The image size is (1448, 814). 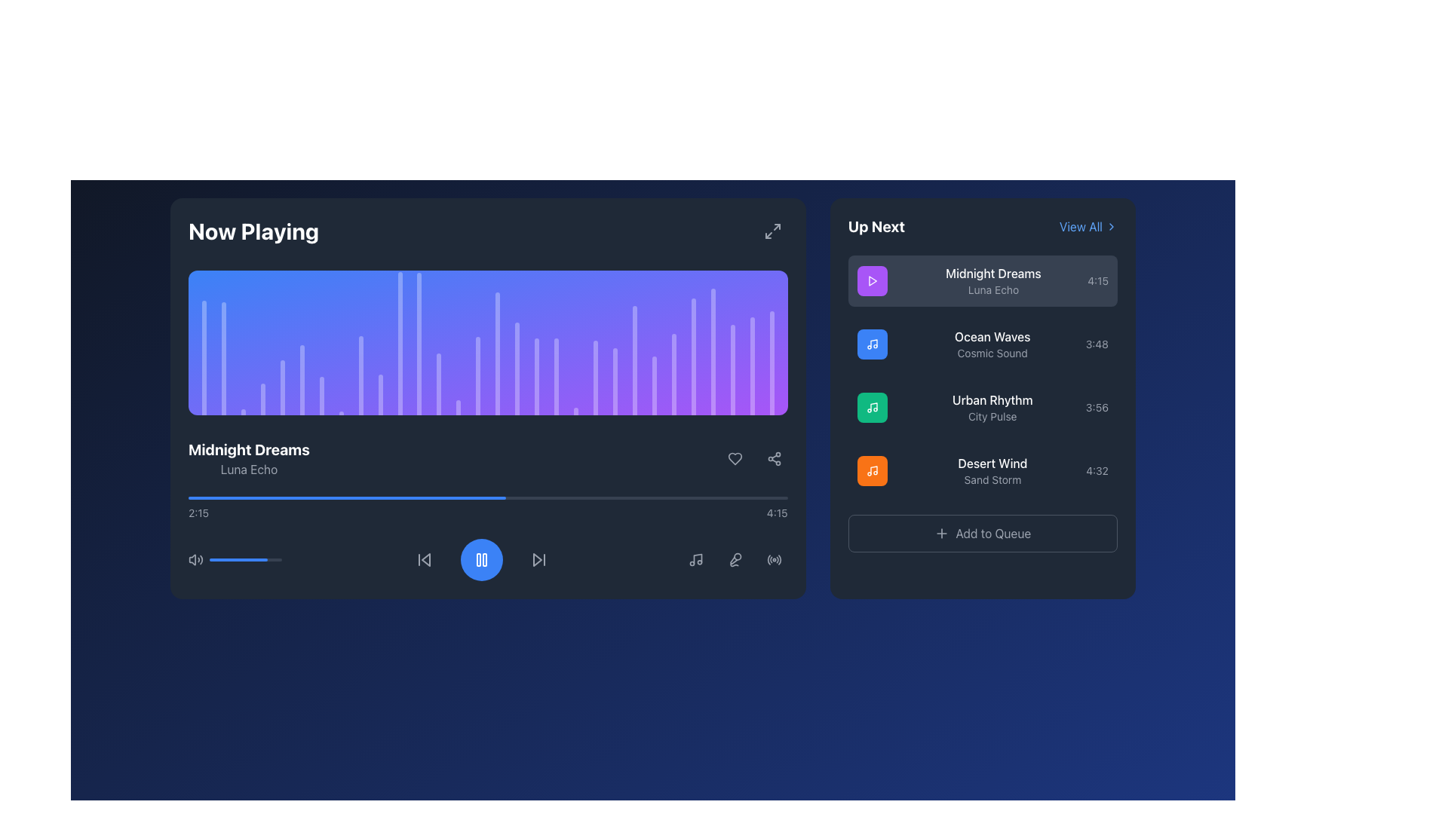 What do you see at coordinates (872, 470) in the screenshot?
I see `the 'Desert Wind' song icon in the 'Up Next' section, which is the fourth icon in the list` at bounding box center [872, 470].